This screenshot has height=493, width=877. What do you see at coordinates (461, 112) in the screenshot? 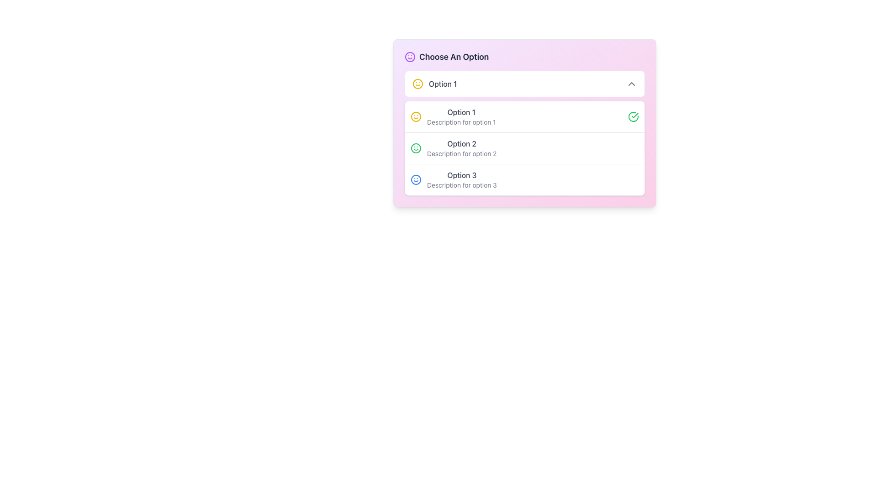
I see `the text element displaying 'Option 1', which is part of the selectable list titled 'Choose An Option', positioned next to a yellow emoji icon` at bounding box center [461, 112].